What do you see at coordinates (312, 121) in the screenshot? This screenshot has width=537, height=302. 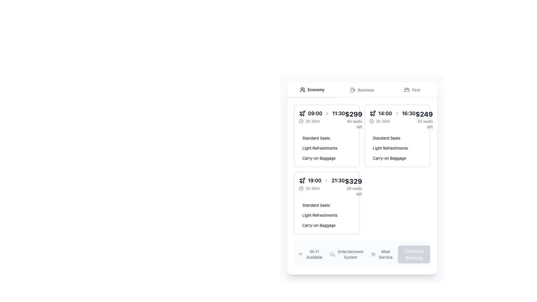 I see `the text displaying the flight duration '2h 30m', which is located below the flight times and pricing in the flight details card` at bounding box center [312, 121].